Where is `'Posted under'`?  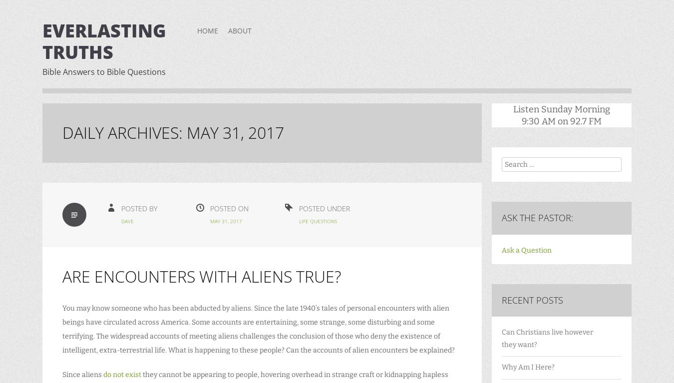 'Posted under' is located at coordinates (325, 208).